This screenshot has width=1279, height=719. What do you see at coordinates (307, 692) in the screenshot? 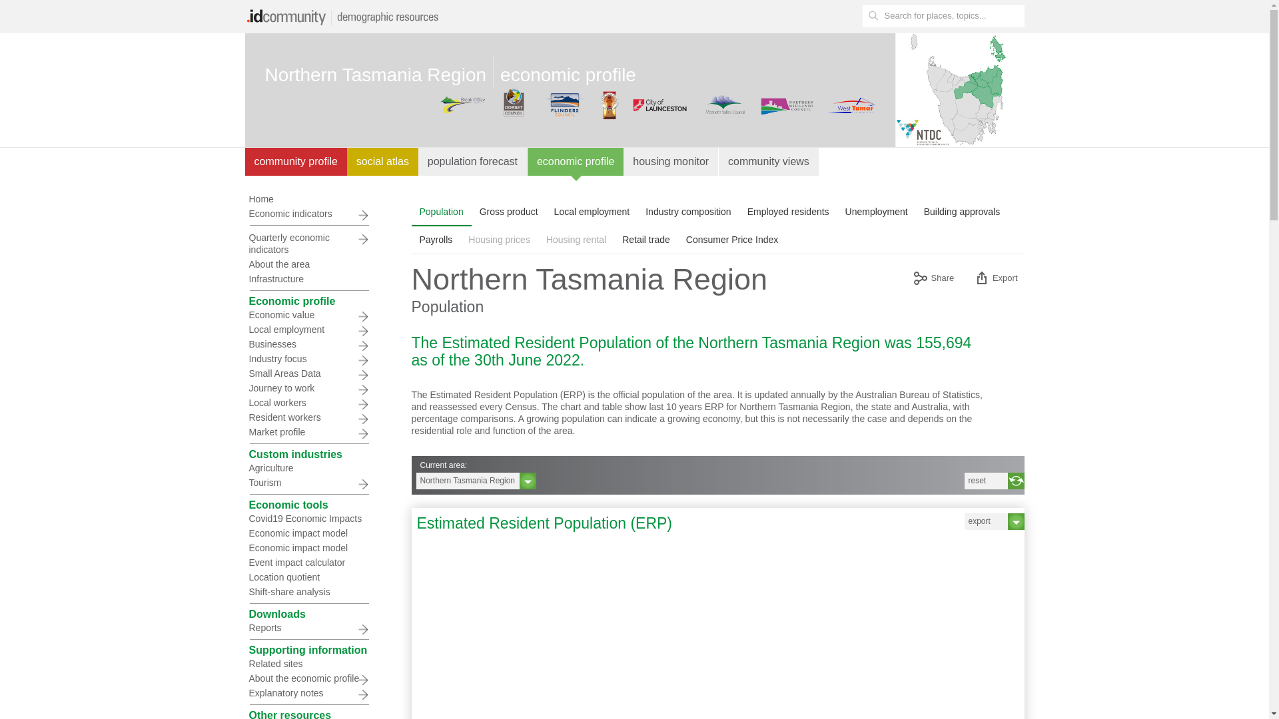
I see `'Explanatory notes` at bounding box center [307, 692].